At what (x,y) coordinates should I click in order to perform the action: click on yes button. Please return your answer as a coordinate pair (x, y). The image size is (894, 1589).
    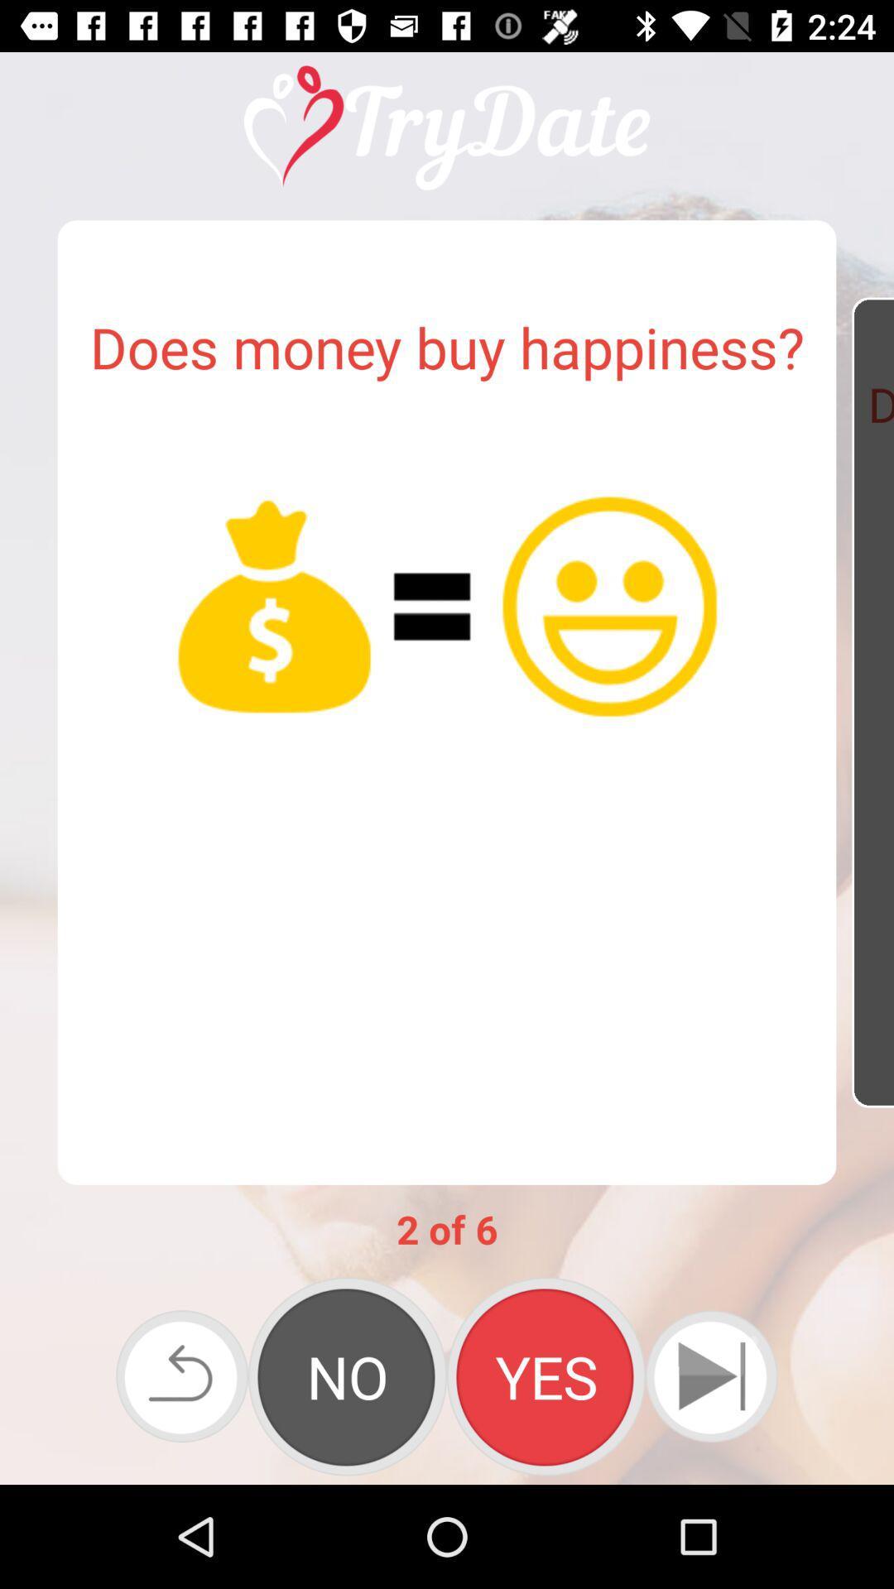
    Looking at the image, I should click on (546, 1376).